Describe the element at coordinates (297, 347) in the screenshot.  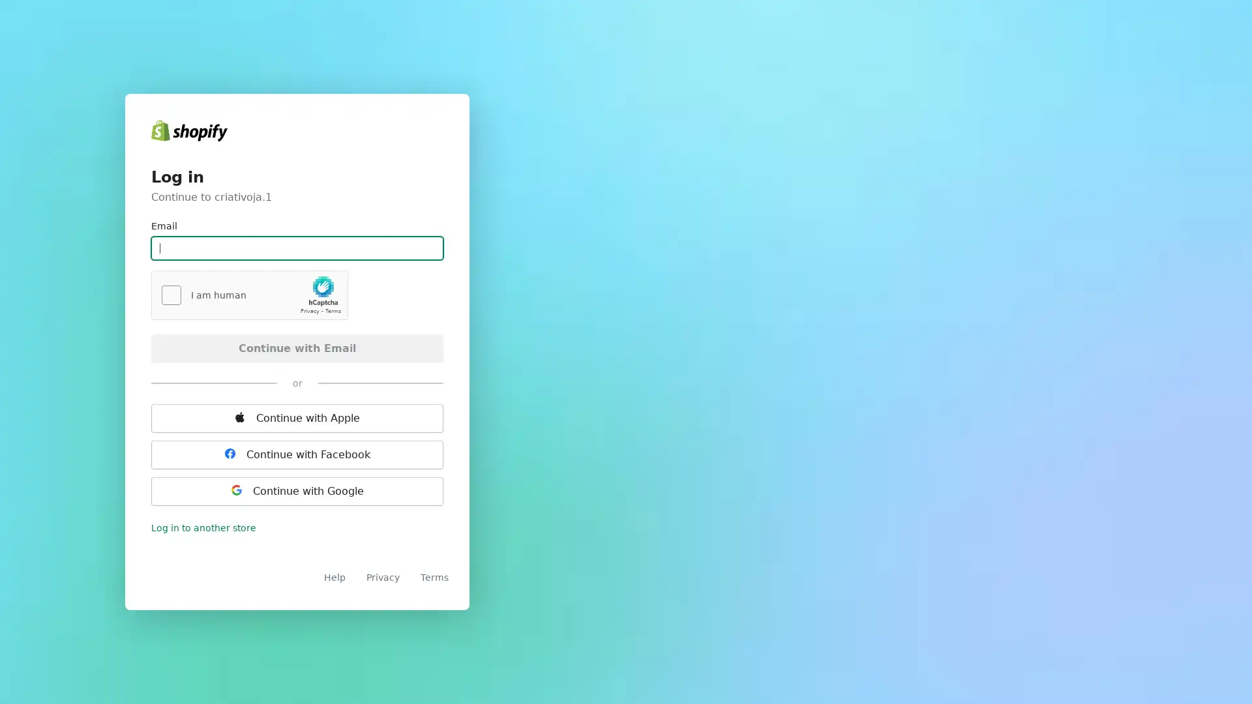
I see `Continue with Email` at that location.